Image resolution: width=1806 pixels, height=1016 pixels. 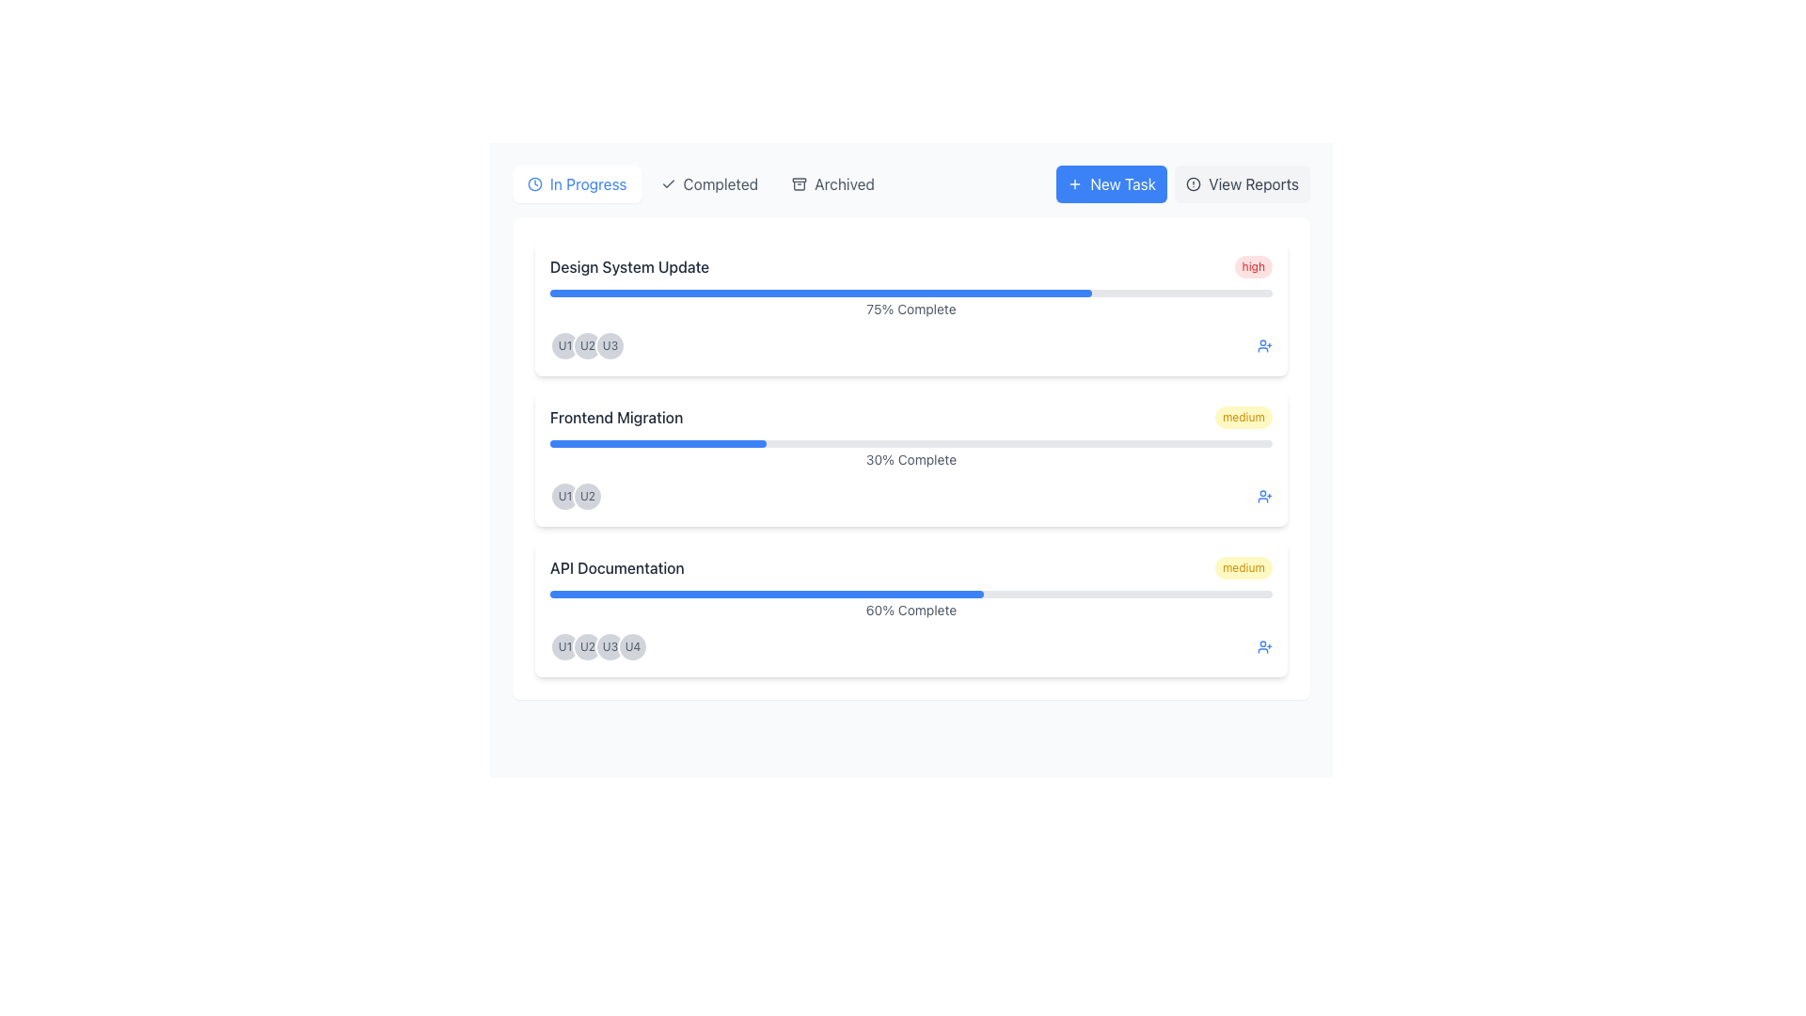 What do you see at coordinates (911, 459) in the screenshot?
I see `the main content section that displays a list of project tasks, including 'Design System Update', 'Frontend Migration', and 'API Documentation'` at bounding box center [911, 459].